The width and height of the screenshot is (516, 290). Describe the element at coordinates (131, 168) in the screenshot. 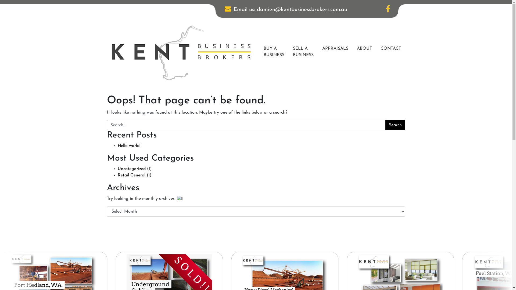

I see `'Uncategorized'` at that location.